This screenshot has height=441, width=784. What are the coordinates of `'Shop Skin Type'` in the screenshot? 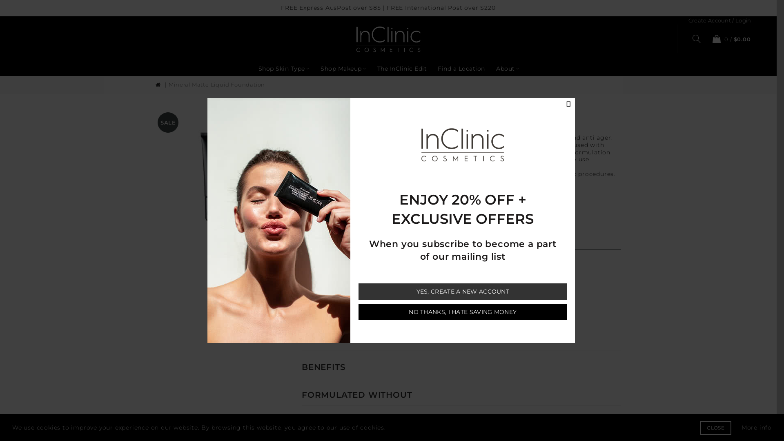 It's located at (284, 68).